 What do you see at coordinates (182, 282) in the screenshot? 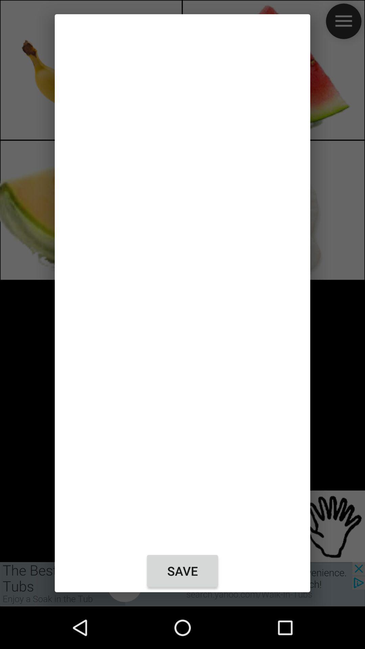
I see `the icon above save icon` at bounding box center [182, 282].